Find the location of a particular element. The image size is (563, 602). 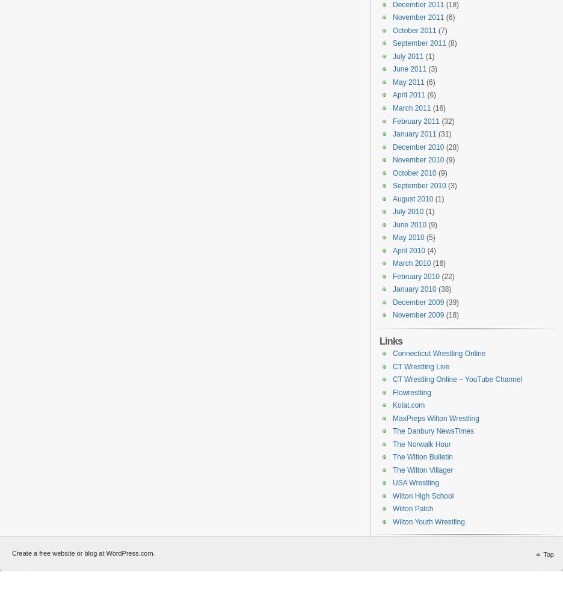

'CT Wrestling Online – YouTube Channel' is located at coordinates (457, 379).